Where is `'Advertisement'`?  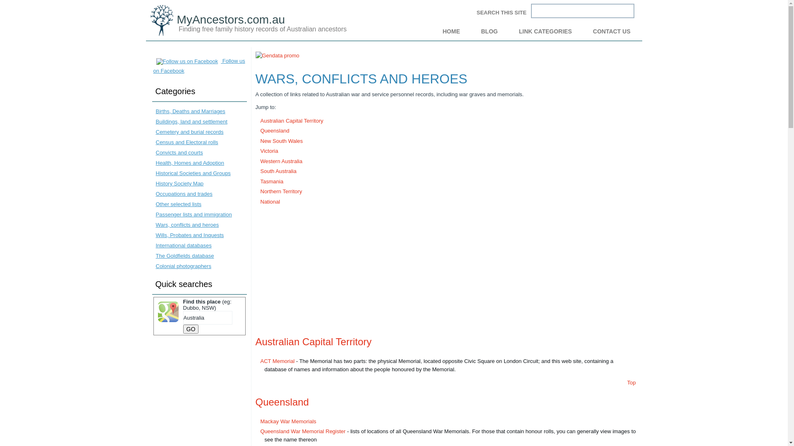
'Advertisement' is located at coordinates (445, 269).